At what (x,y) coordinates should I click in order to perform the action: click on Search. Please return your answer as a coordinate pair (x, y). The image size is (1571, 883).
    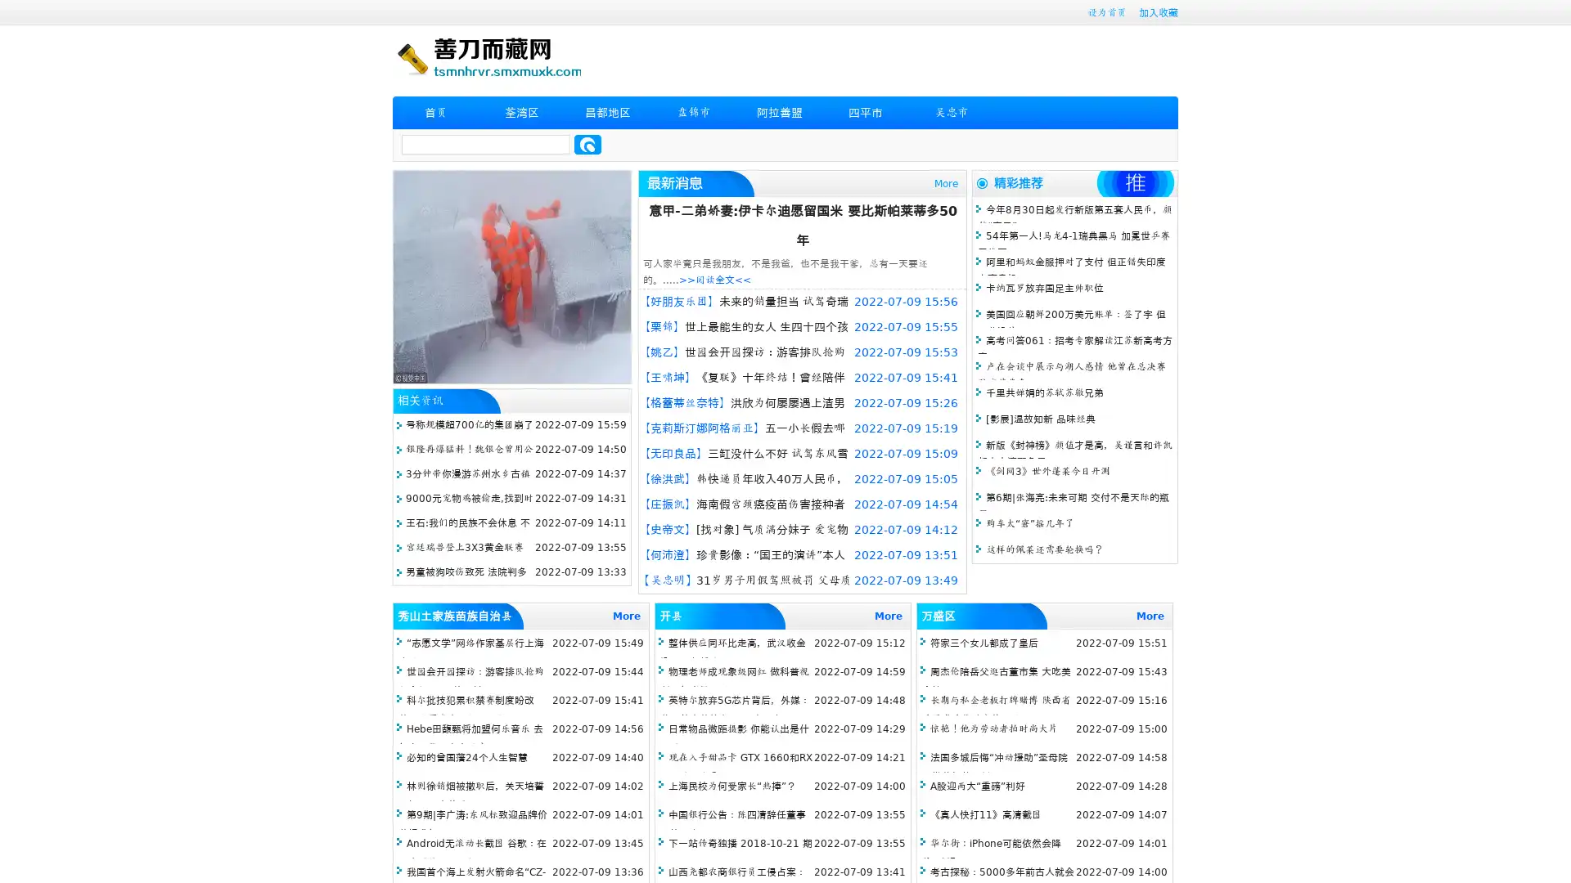
    Looking at the image, I should click on (587, 144).